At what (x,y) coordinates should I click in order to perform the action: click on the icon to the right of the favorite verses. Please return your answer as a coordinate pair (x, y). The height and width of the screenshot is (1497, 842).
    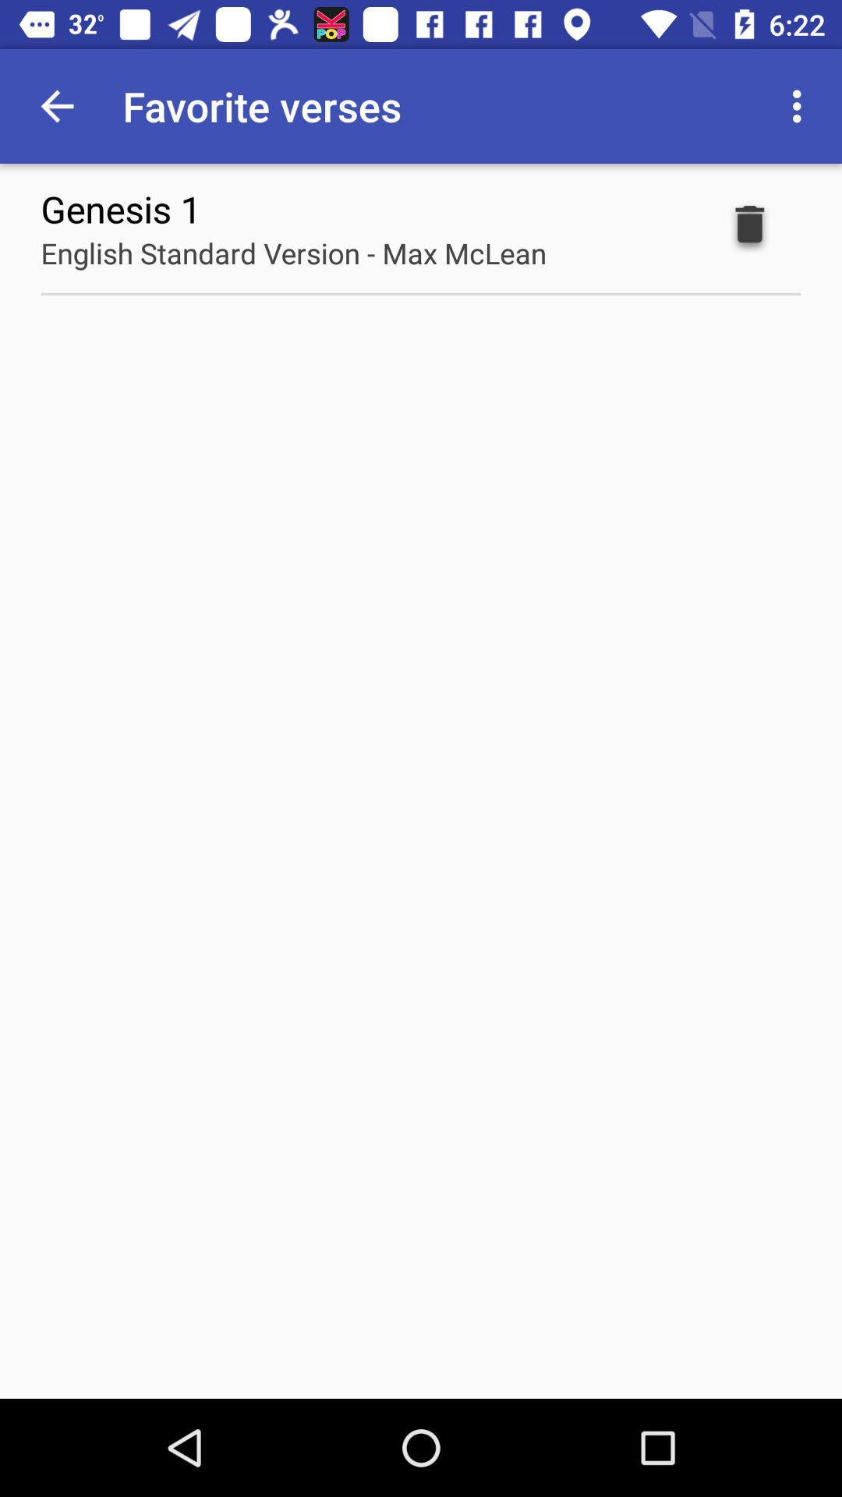
    Looking at the image, I should click on (801, 105).